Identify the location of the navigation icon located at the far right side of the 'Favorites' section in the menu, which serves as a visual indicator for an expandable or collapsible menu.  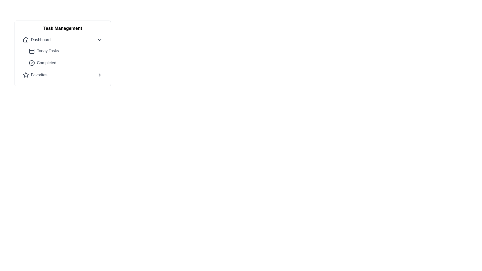
(100, 75).